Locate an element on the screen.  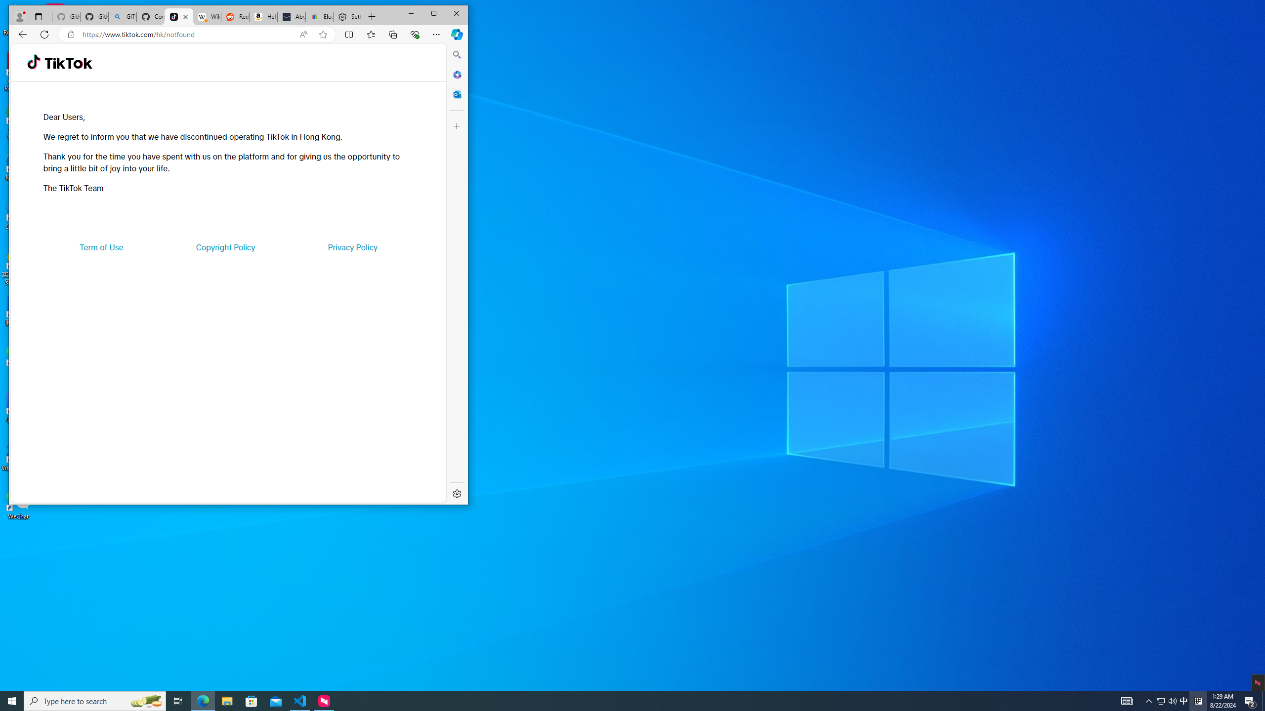
'AutomationID: 4105' is located at coordinates (1126, 700).